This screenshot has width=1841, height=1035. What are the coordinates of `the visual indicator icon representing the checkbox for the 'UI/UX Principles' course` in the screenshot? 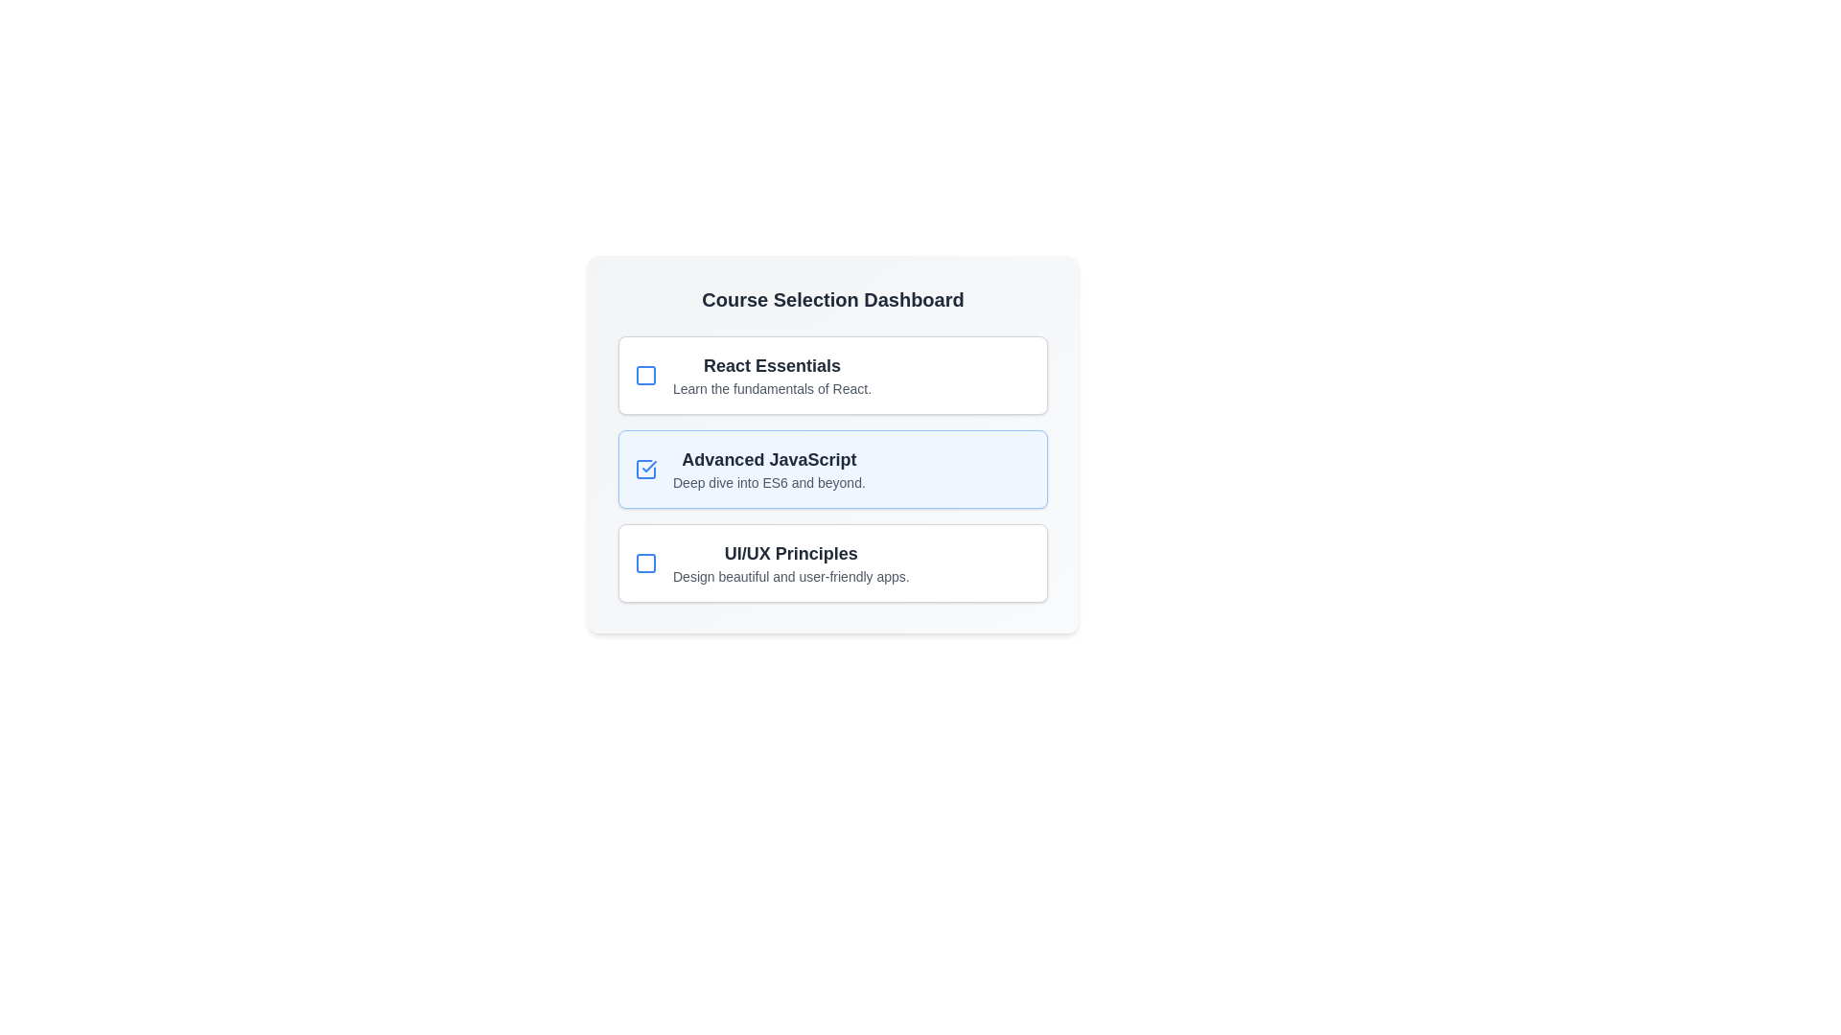 It's located at (645, 562).